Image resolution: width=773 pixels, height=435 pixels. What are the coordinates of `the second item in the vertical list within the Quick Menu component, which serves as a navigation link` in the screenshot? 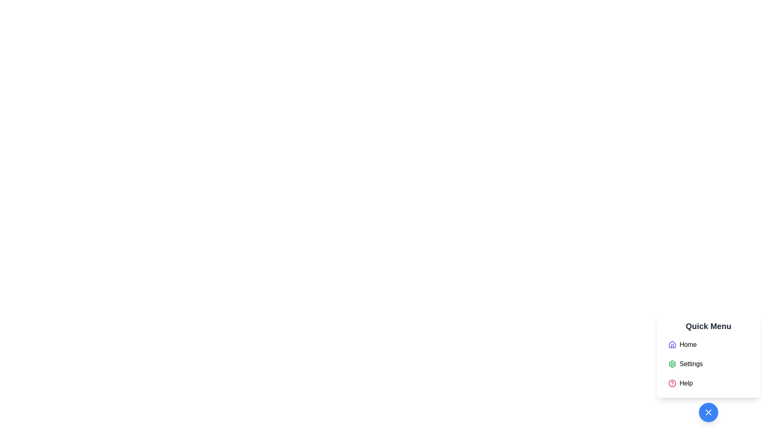 It's located at (709, 364).